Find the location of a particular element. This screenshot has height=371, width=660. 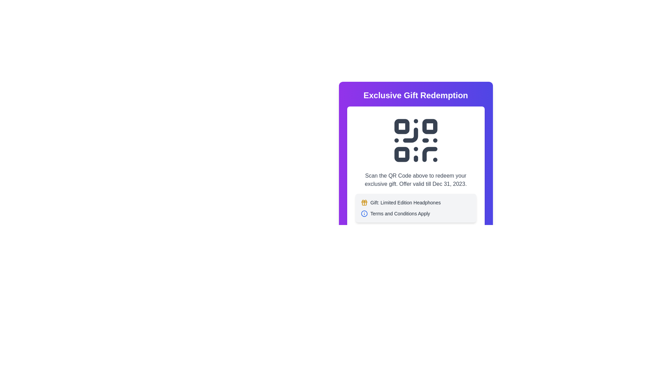

the informational block that provides details about the exclusive gift offer and terms and conditions, located below the text 'Scan the QR Code above to redeem your exclusive gift. Offer valid till Dec 31, 2023.' is located at coordinates (415, 207).